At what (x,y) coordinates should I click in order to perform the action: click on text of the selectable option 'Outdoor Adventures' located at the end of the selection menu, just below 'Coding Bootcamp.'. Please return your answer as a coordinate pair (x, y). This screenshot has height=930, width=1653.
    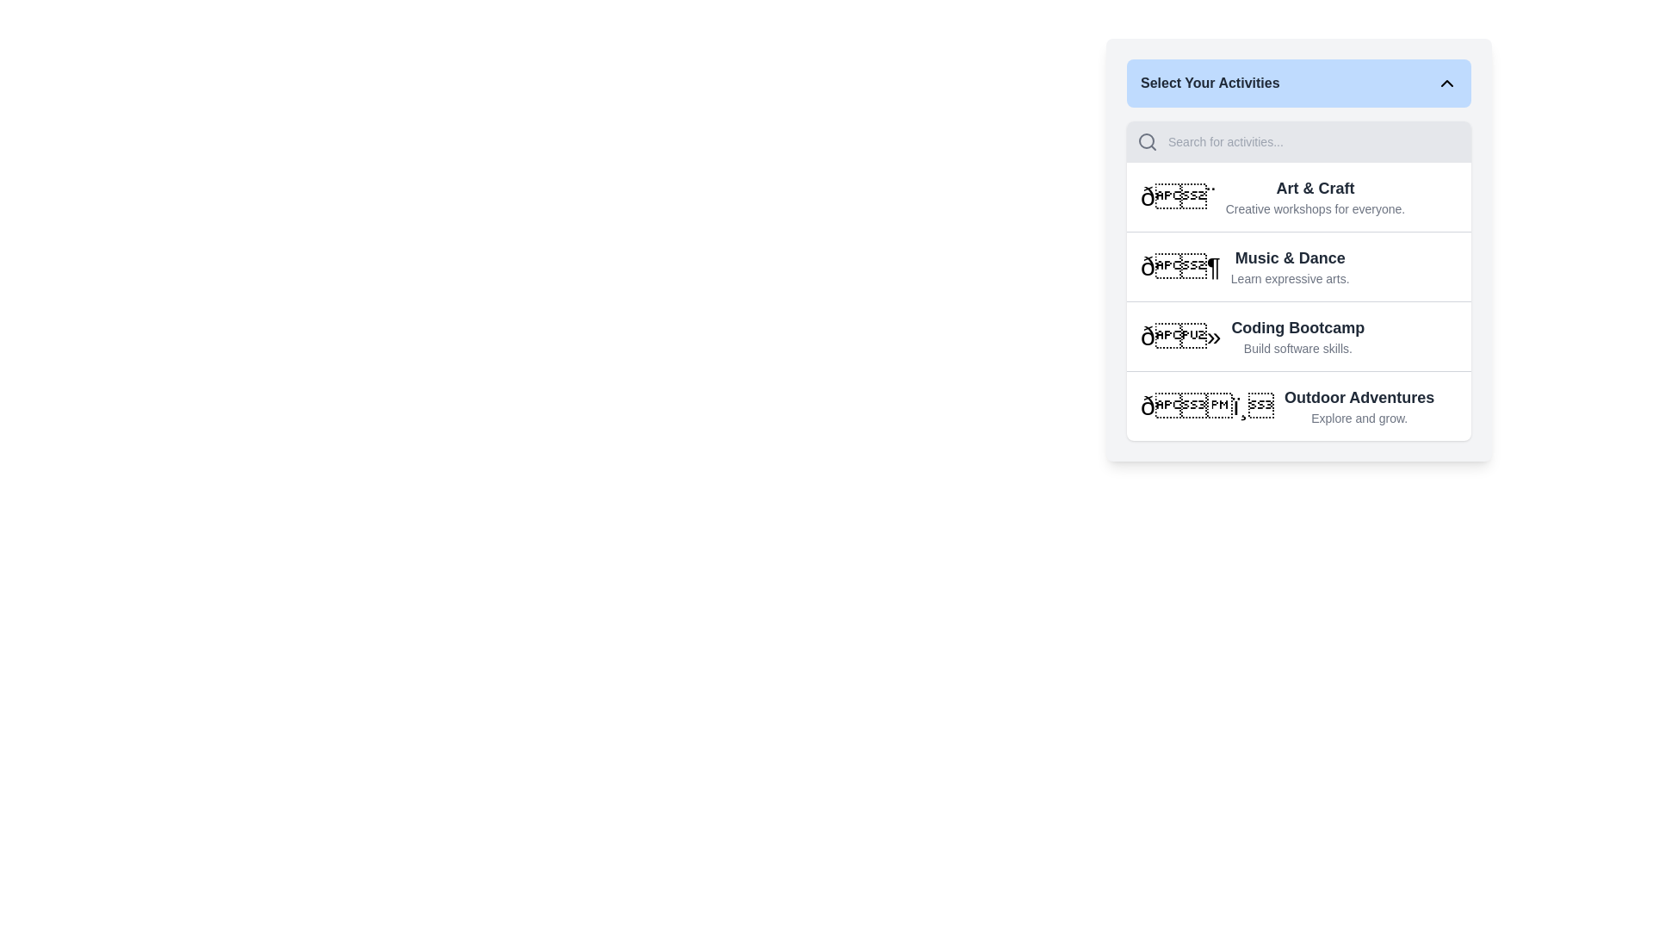
    Looking at the image, I should click on (1359, 406).